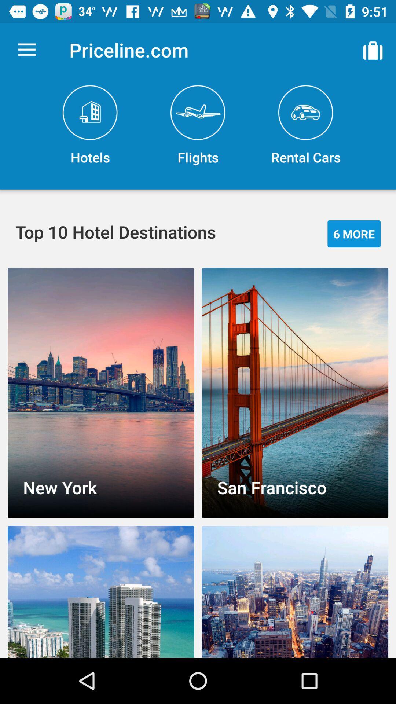  Describe the element at coordinates (373, 49) in the screenshot. I see `item next to the flights item` at that location.